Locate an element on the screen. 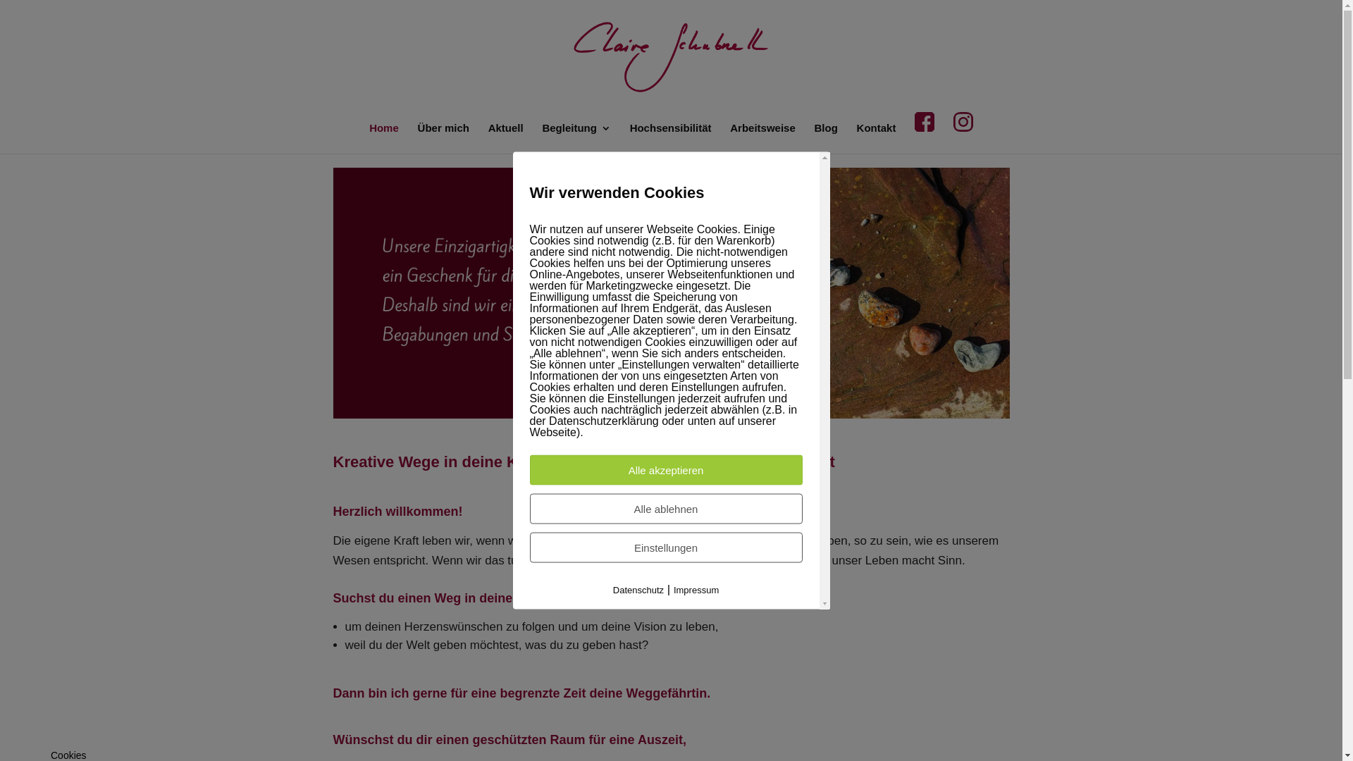  'Impressum' is located at coordinates (696, 590).